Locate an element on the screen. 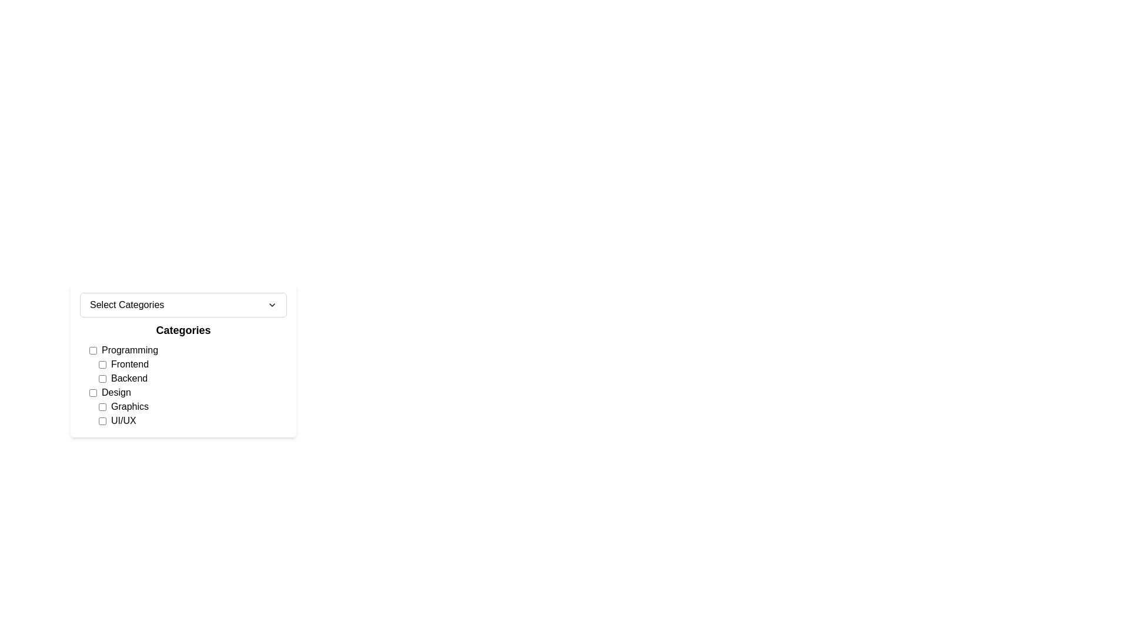  the checkbox that allows users to select or deselect the 'Graphics' category, located next to the text 'Graphics' in the 'Select Categories' section is located at coordinates (102, 406).